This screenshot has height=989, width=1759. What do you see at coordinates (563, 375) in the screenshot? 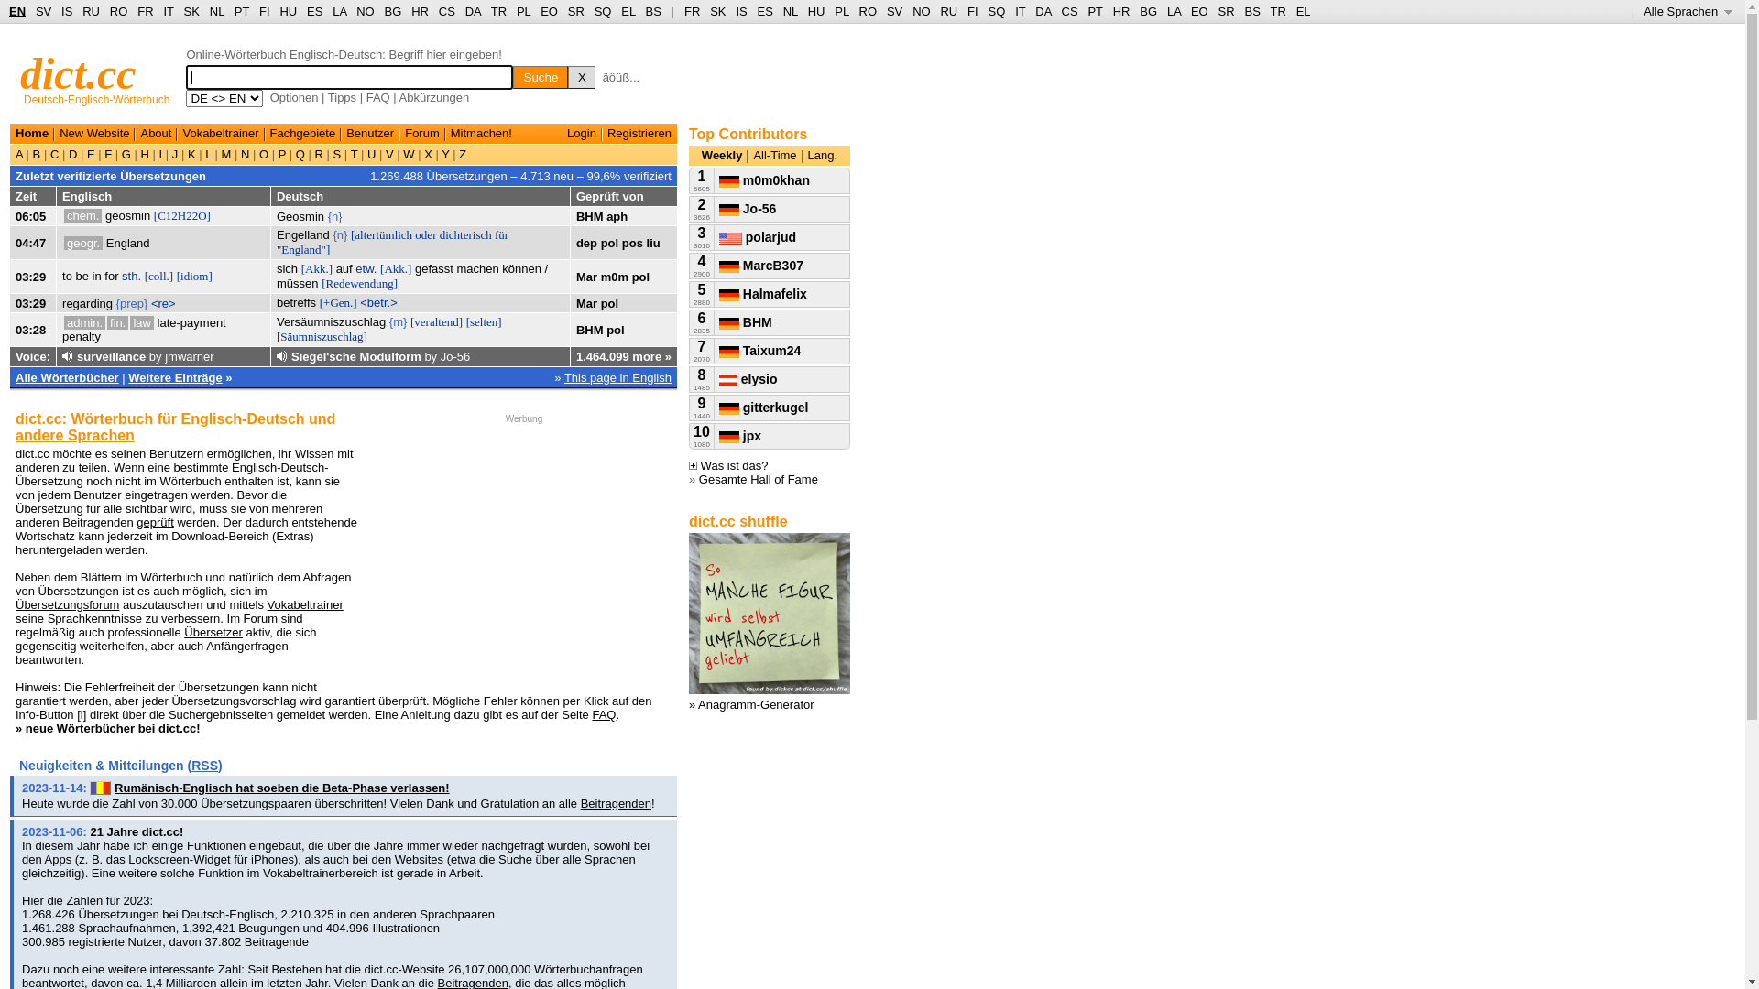
I see `'This page in English'` at bounding box center [563, 375].